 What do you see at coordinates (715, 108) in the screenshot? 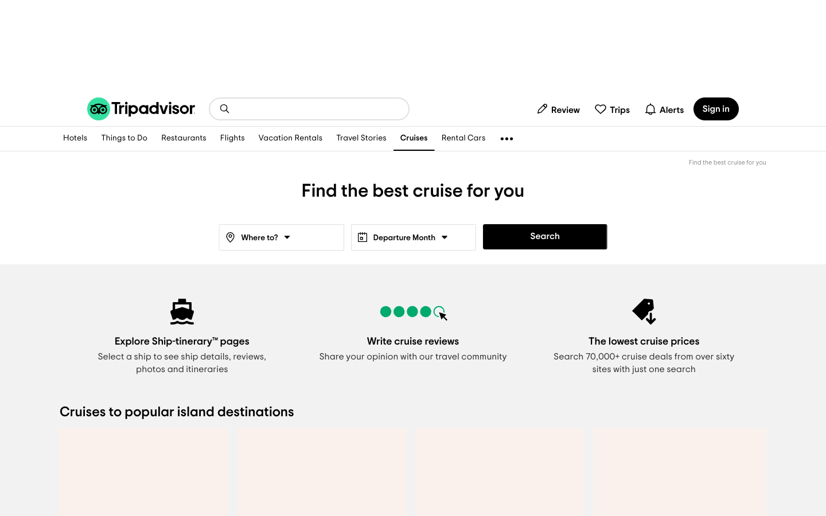
I see `log in page` at bounding box center [715, 108].